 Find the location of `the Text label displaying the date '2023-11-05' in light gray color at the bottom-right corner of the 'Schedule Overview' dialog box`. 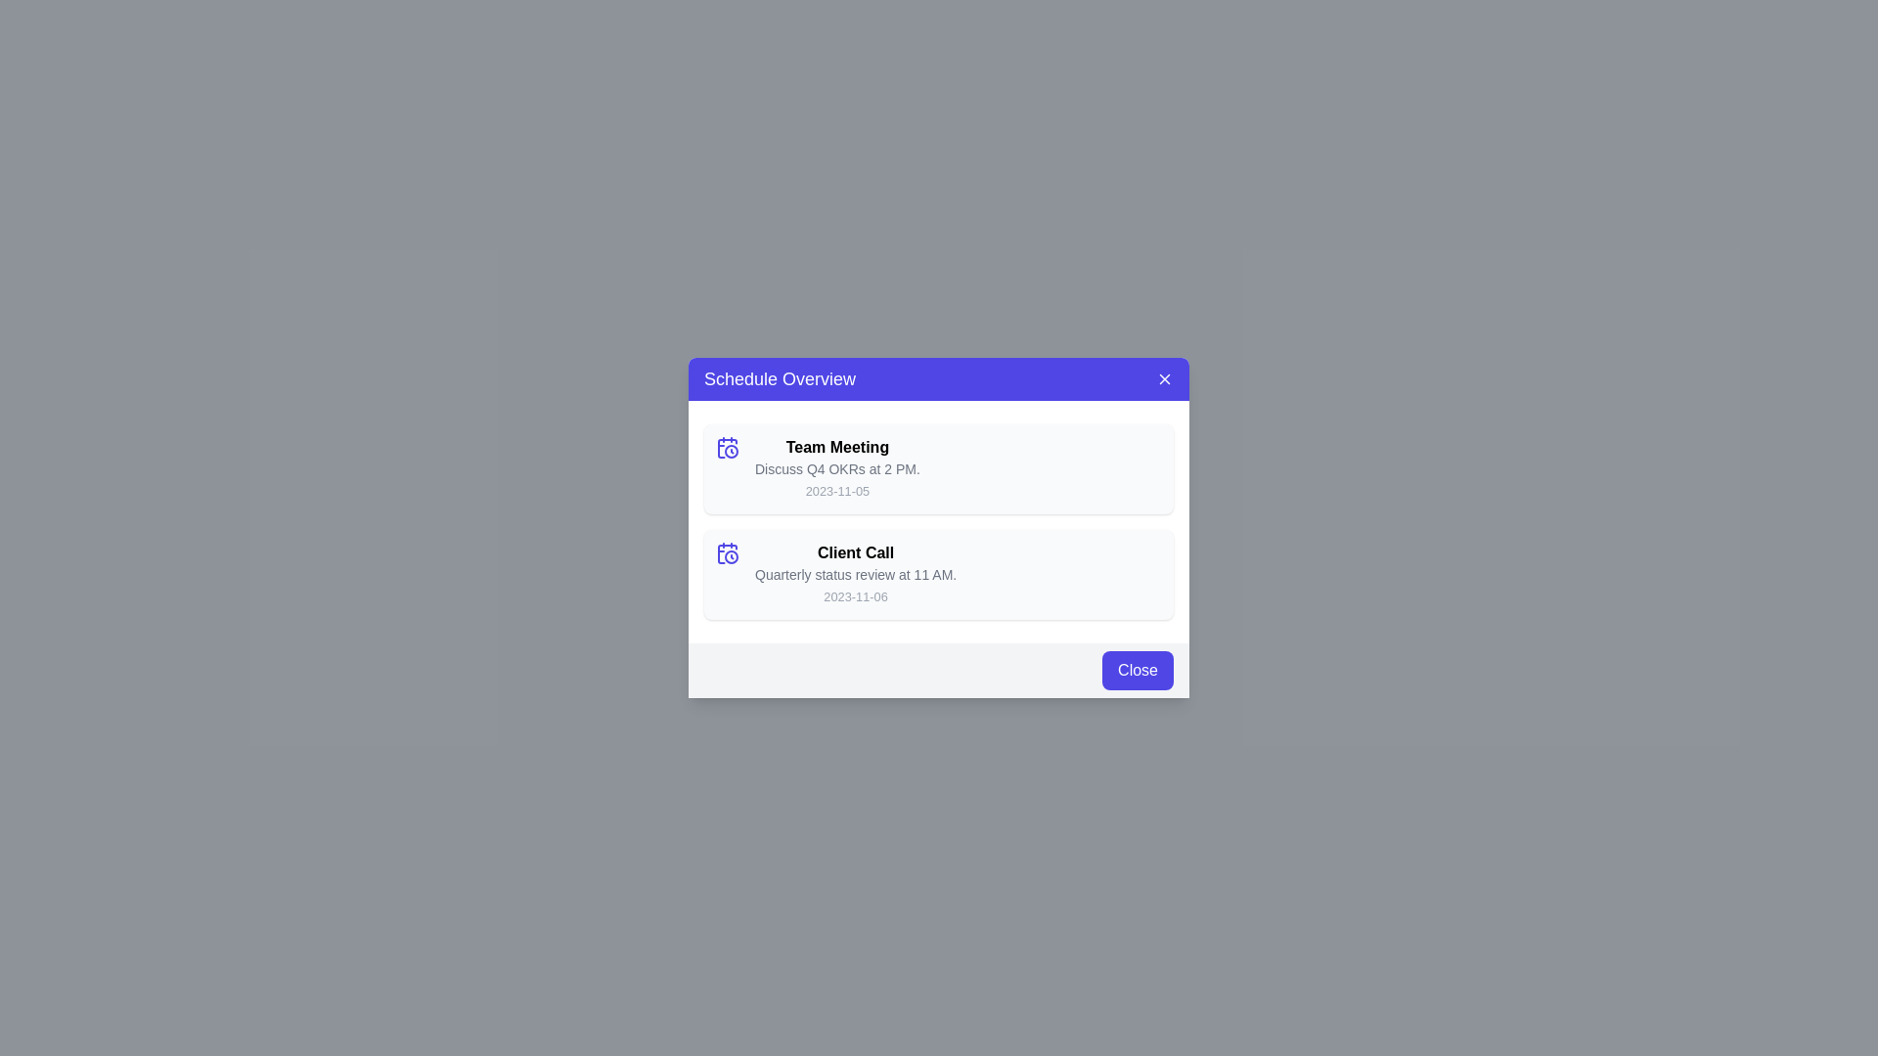

the Text label displaying the date '2023-11-05' in light gray color at the bottom-right corner of the 'Schedule Overview' dialog box is located at coordinates (837, 490).